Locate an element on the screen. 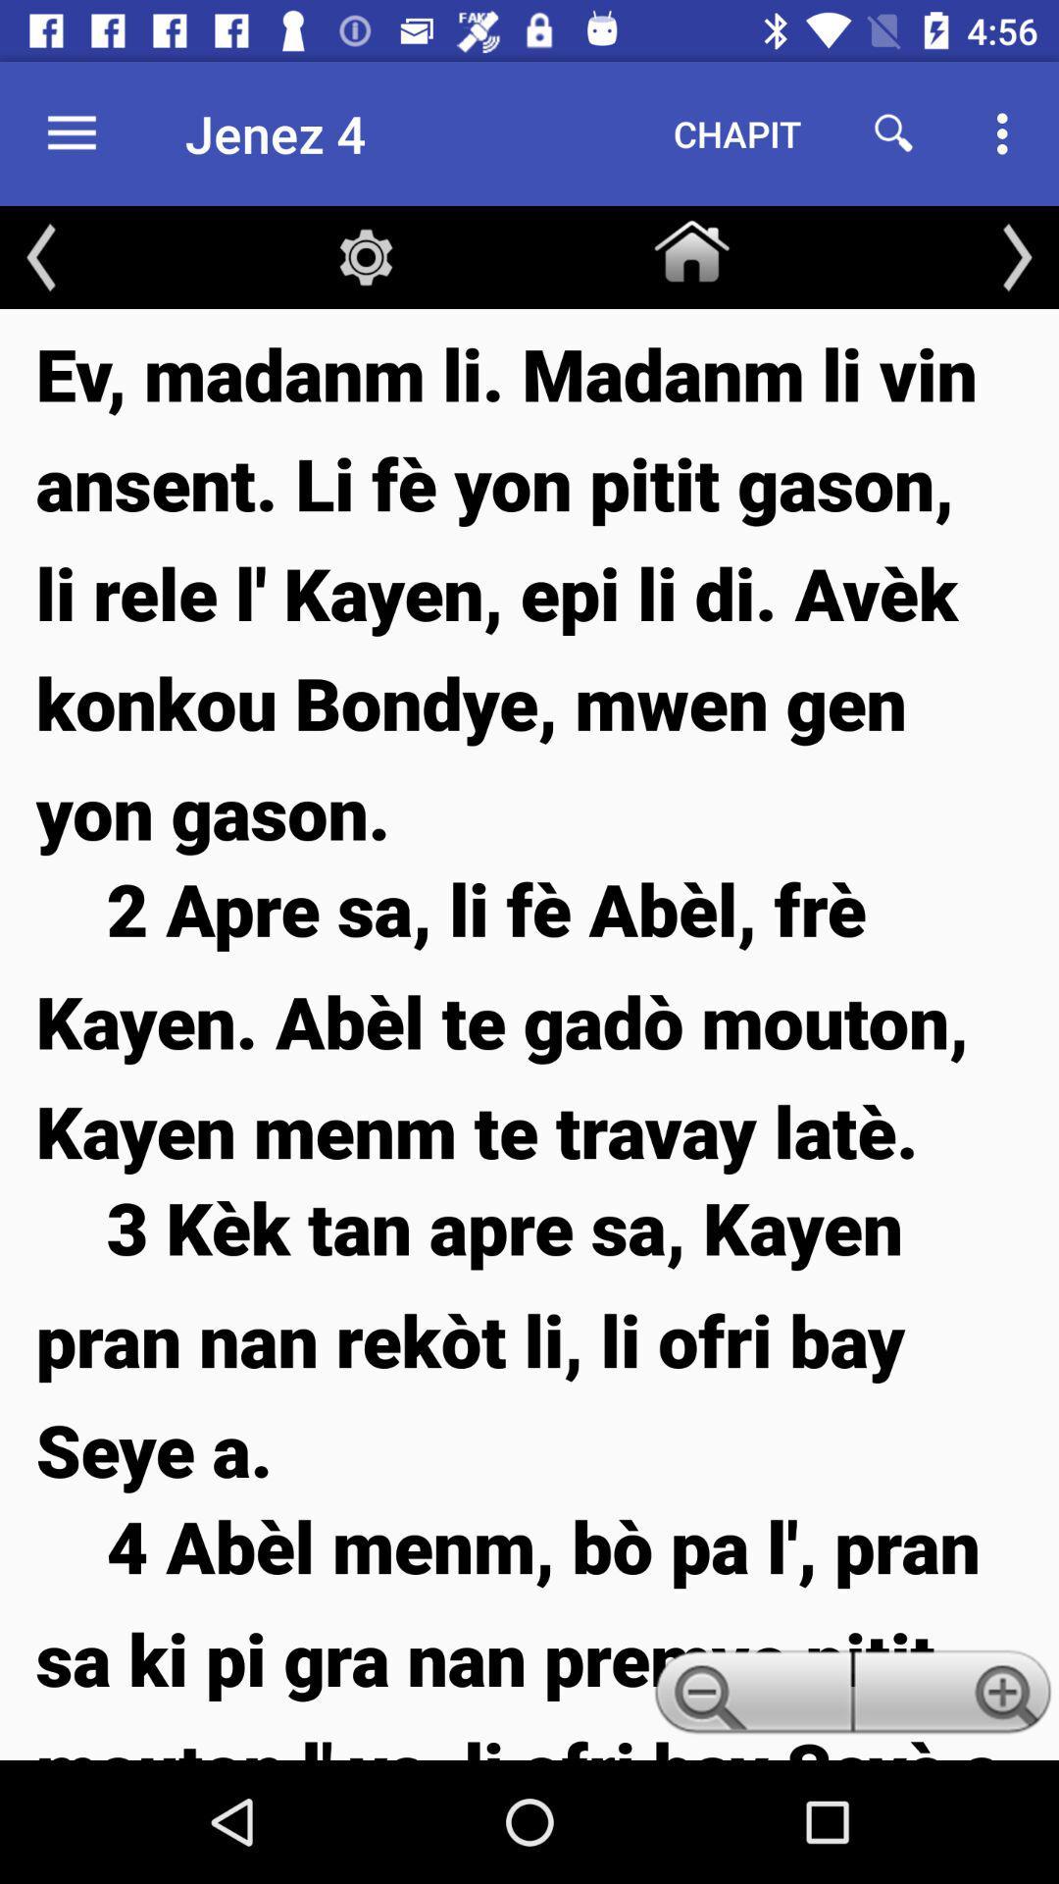  icon to the right of the jenez 4 icon is located at coordinates (737, 132).